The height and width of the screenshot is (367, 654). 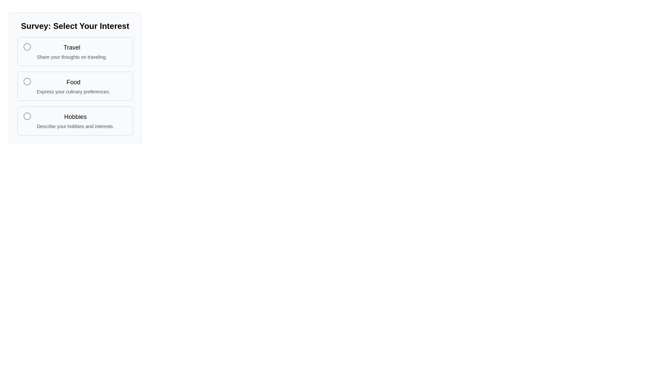 What do you see at coordinates (27, 116) in the screenshot?
I see `the Circular Icon or Unselected Radio Button located at the center left of the 'Hobbies' row in the survey options` at bounding box center [27, 116].